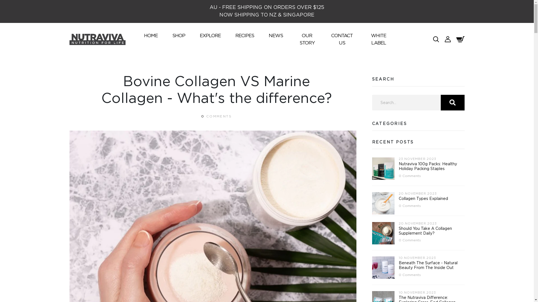 This screenshot has width=538, height=302. What do you see at coordinates (245, 36) in the screenshot?
I see `'RECIPES'` at bounding box center [245, 36].